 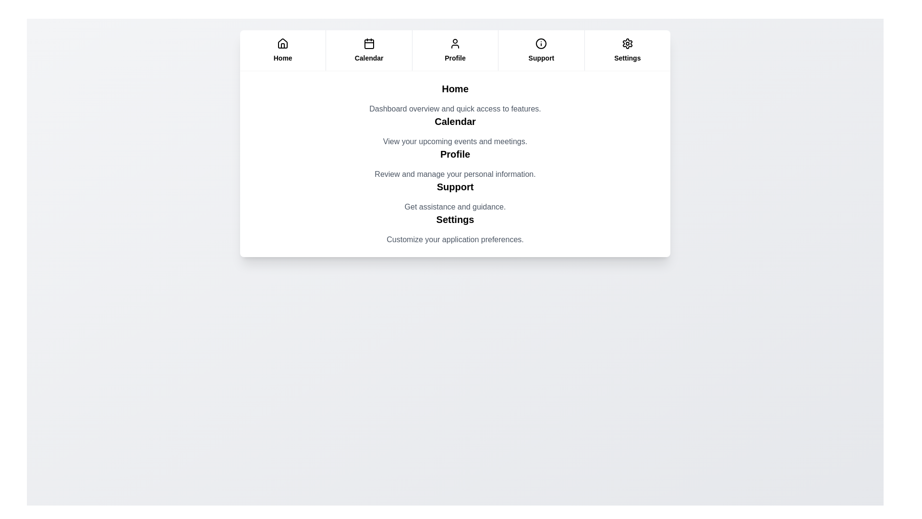 What do you see at coordinates (455, 109) in the screenshot?
I see `the text label that provides an overview of the dashboard's purpose and features, located directly below the 'Home' heading` at bounding box center [455, 109].